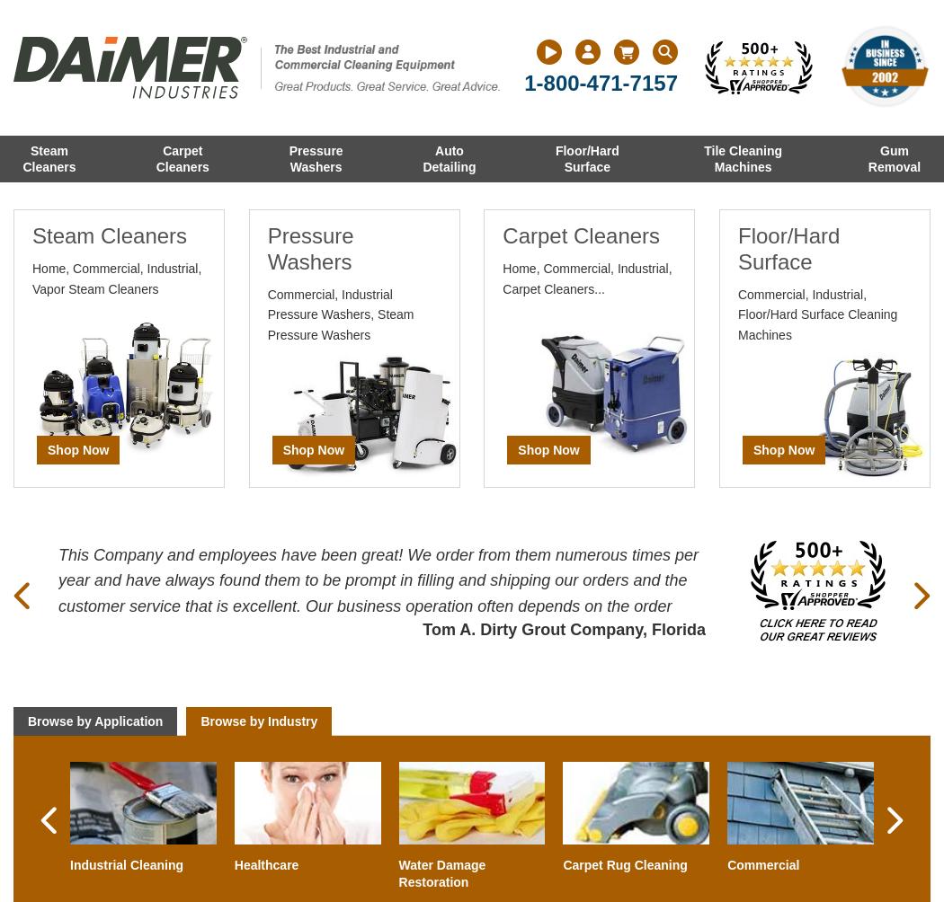 The width and height of the screenshot is (944, 902). Describe the element at coordinates (894, 158) in the screenshot. I see `'Gum Removal'` at that location.